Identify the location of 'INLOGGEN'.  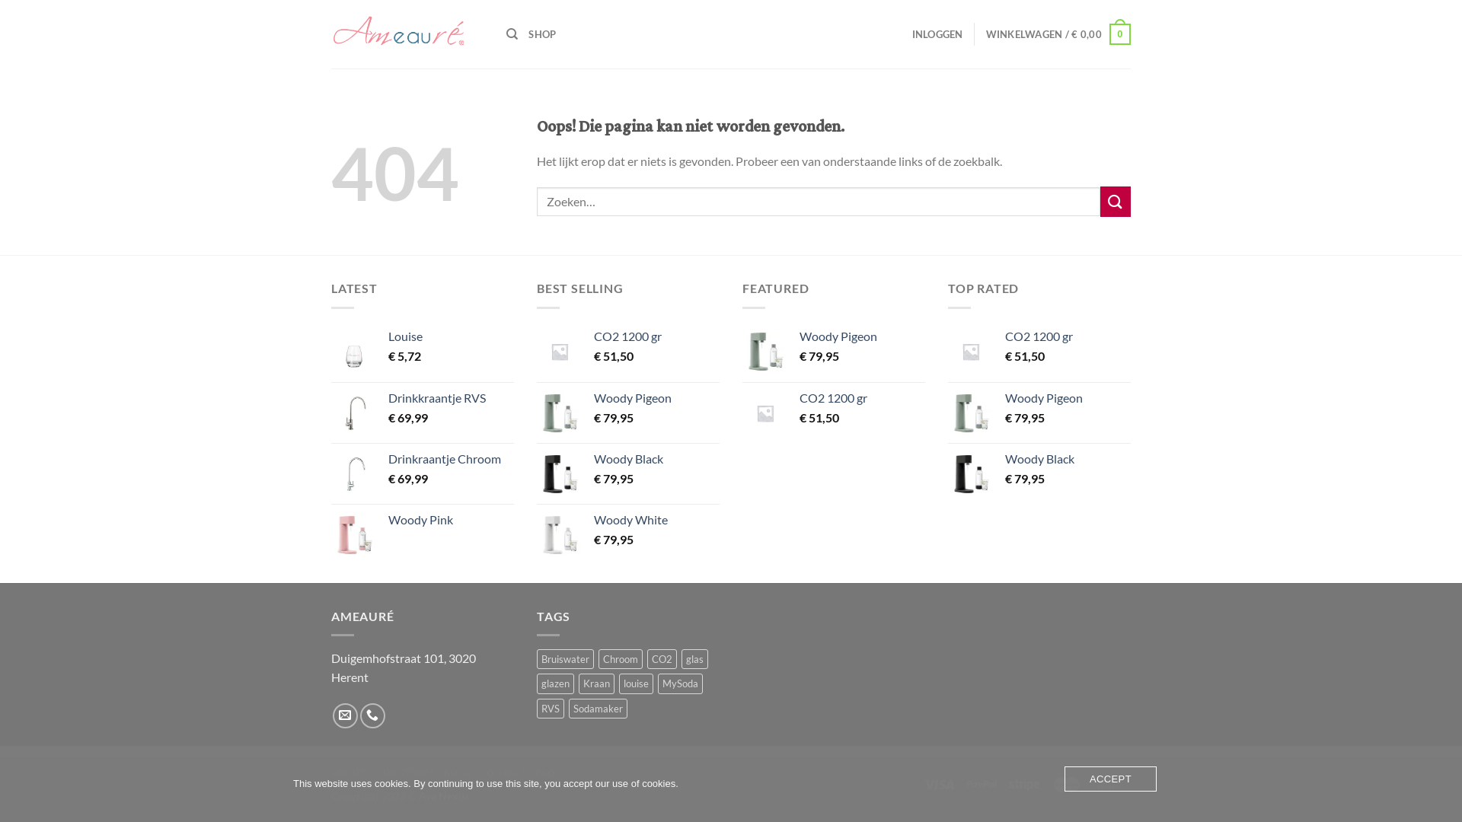
(937, 34).